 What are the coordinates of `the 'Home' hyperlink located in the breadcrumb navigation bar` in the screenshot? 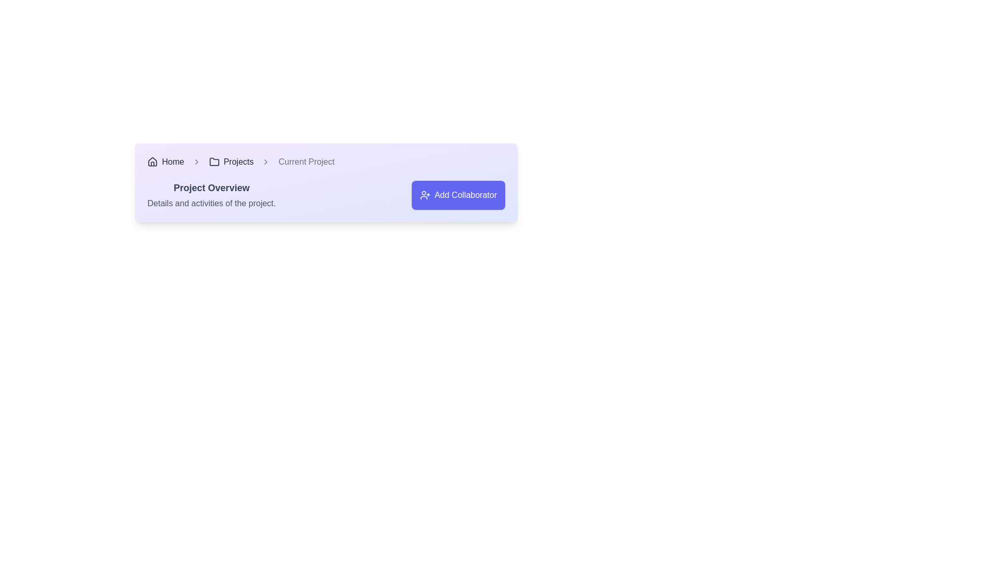 It's located at (173, 162).